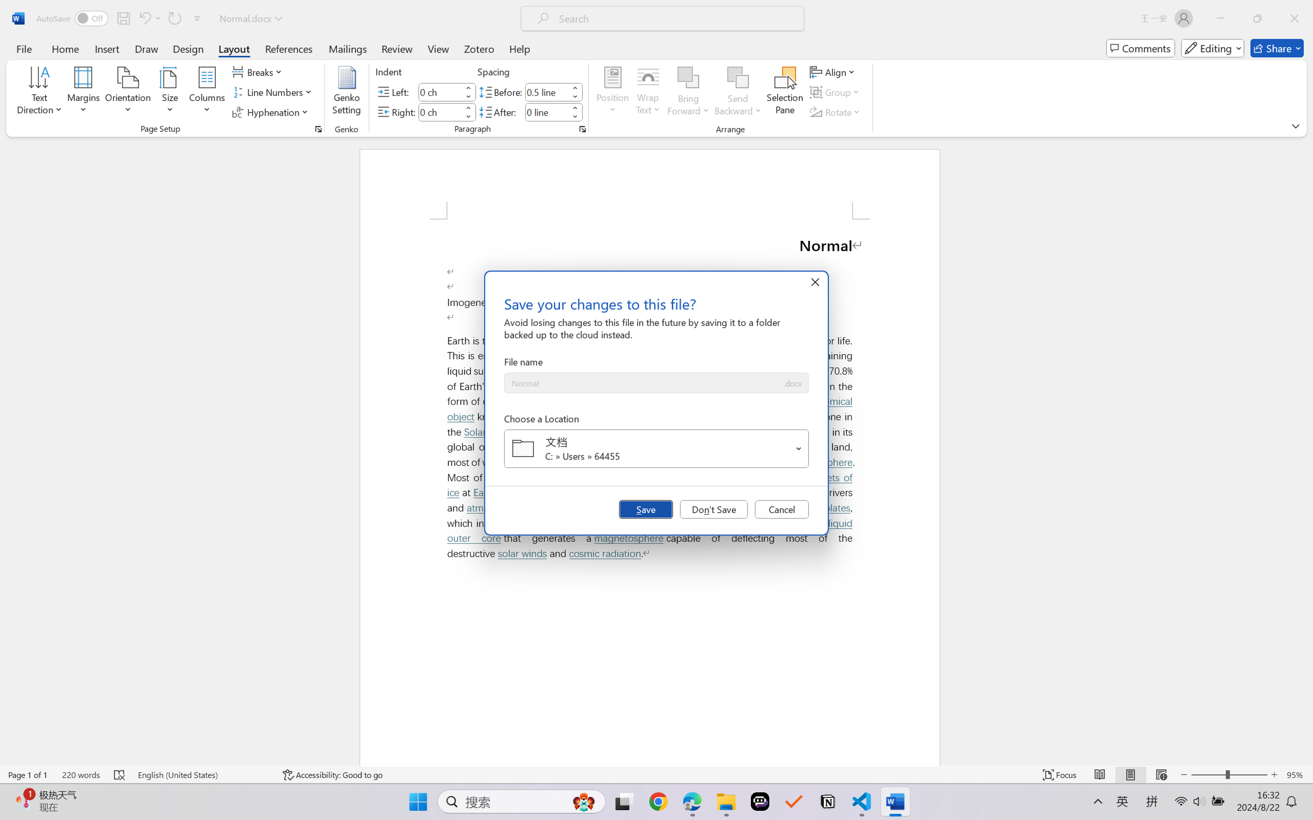 This screenshot has height=820, width=1313. What do you see at coordinates (612, 92) in the screenshot?
I see `'Position'` at bounding box center [612, 92].